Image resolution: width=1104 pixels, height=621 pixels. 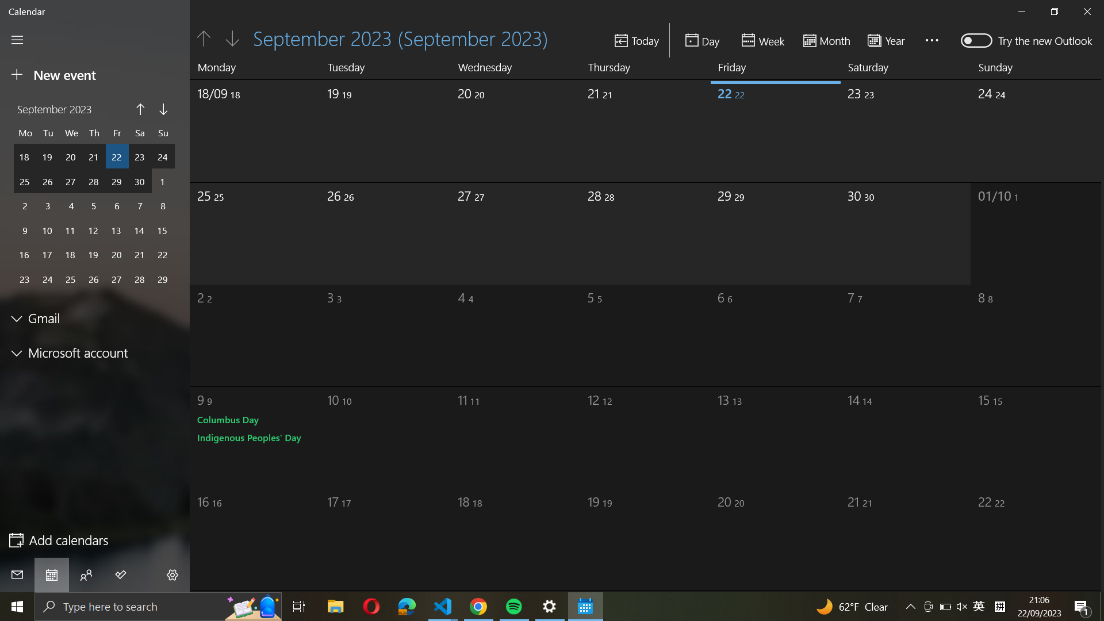 What do you see at coordinates (637, 40) in the screenshot?
I see `Go to today"s date` at bounding box center [637, 40].